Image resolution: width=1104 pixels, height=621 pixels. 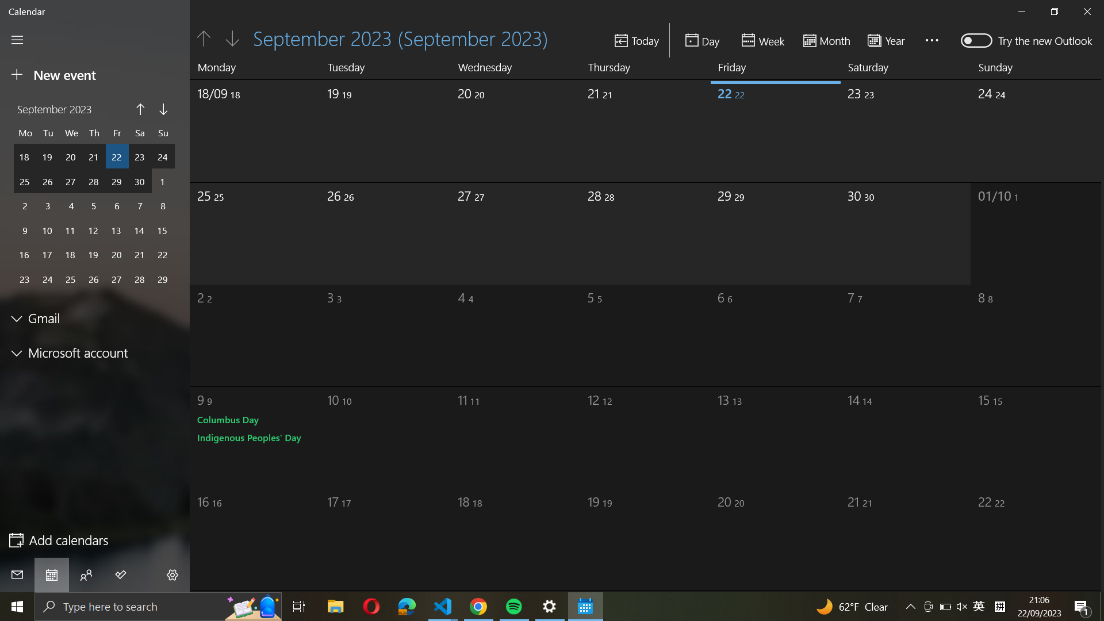 What do you see at coordinates (637, 40) in the screenshot?
I see `Go to today"s date` at bounding box center [637, 40].